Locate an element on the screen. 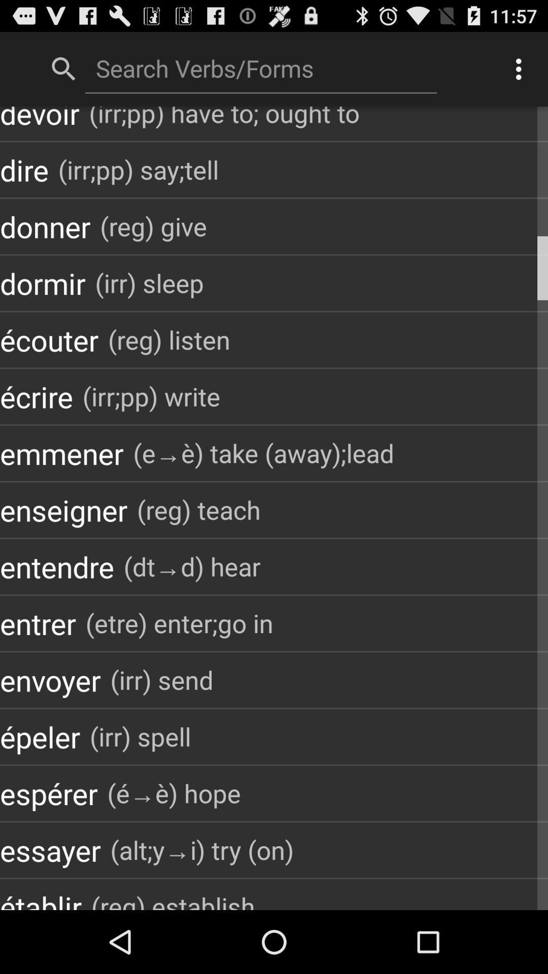  the item above enseigner item is located at coordinates (61, 453).